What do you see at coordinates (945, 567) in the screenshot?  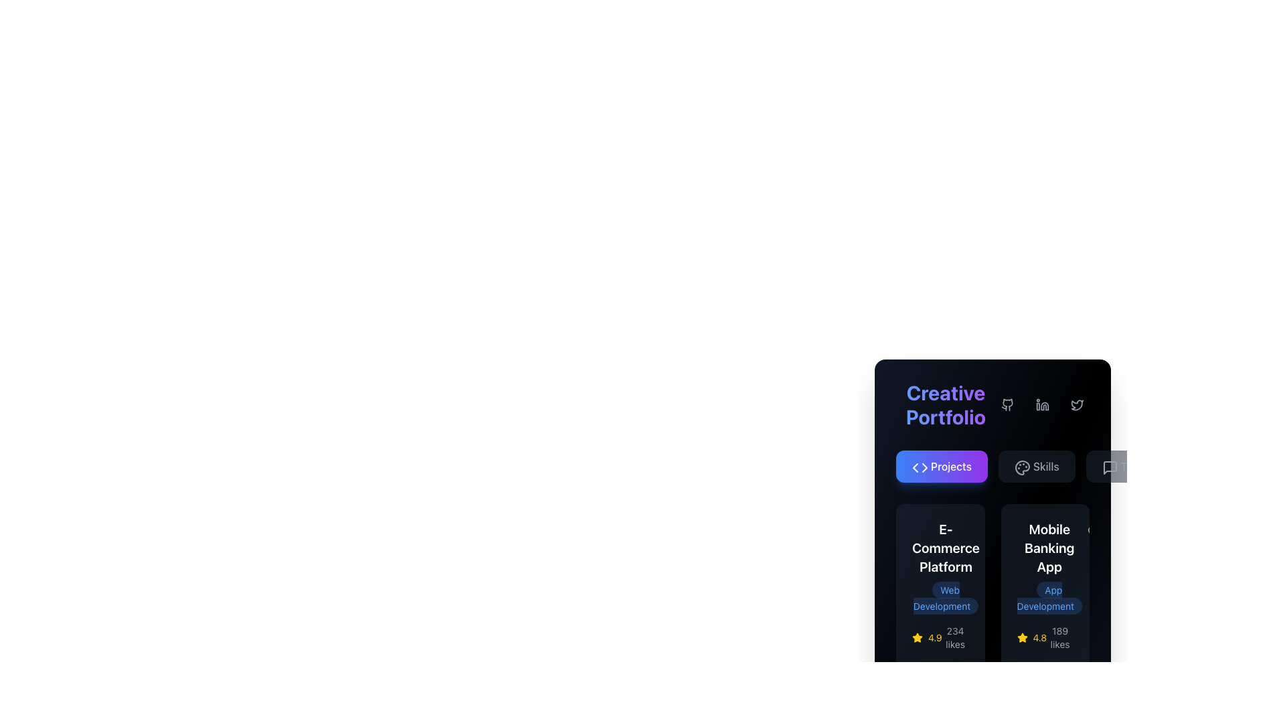 I see `the informative label displaying 'E-Commerce Platform' and 'Web Development' in the top-left section of the card` at bounding box center [945, 567].